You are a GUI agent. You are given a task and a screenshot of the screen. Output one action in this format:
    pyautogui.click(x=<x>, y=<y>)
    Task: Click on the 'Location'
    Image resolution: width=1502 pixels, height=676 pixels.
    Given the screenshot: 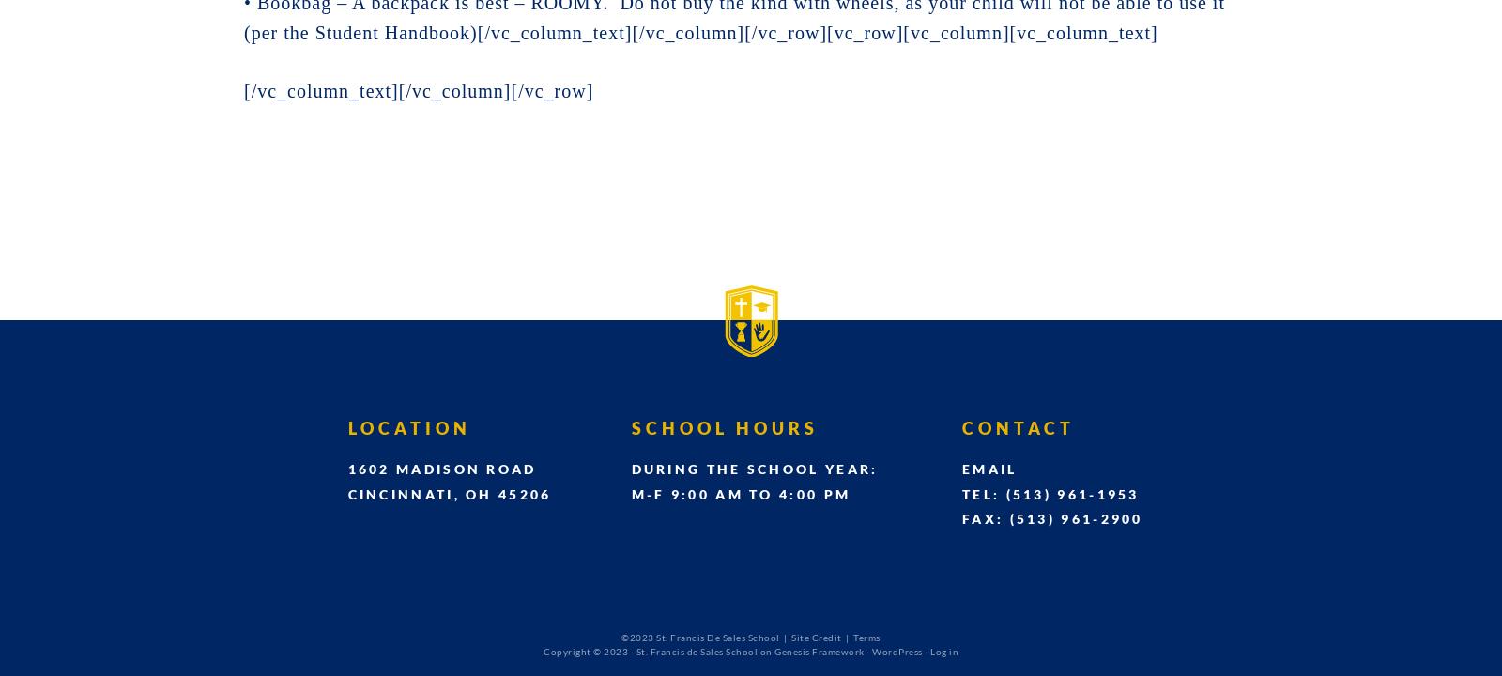 What is the action you would take?
    pyautogui.click(x=407, y=426)
    